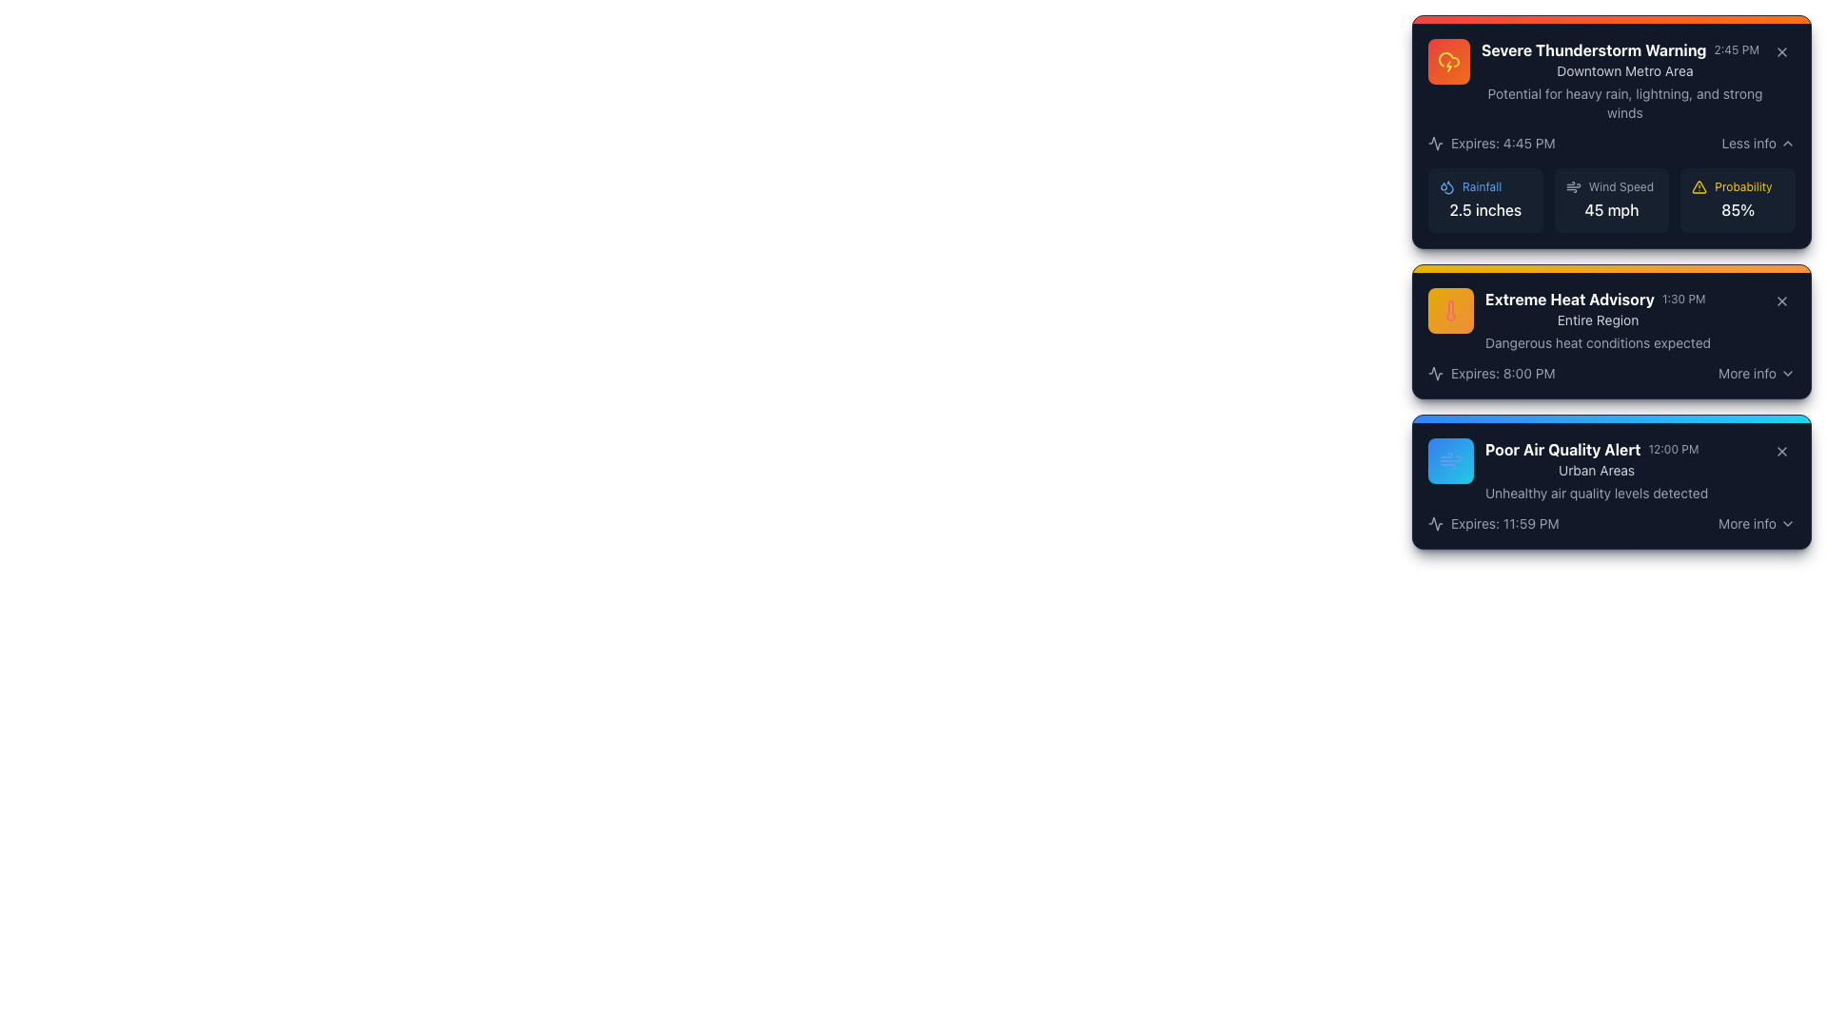 The width and height of the screenshot is (1827, 1027). I want to click on the Label with time indicator for the severe weather alert, which is positioned at the top of the first notification panel, so click(1624, 49).